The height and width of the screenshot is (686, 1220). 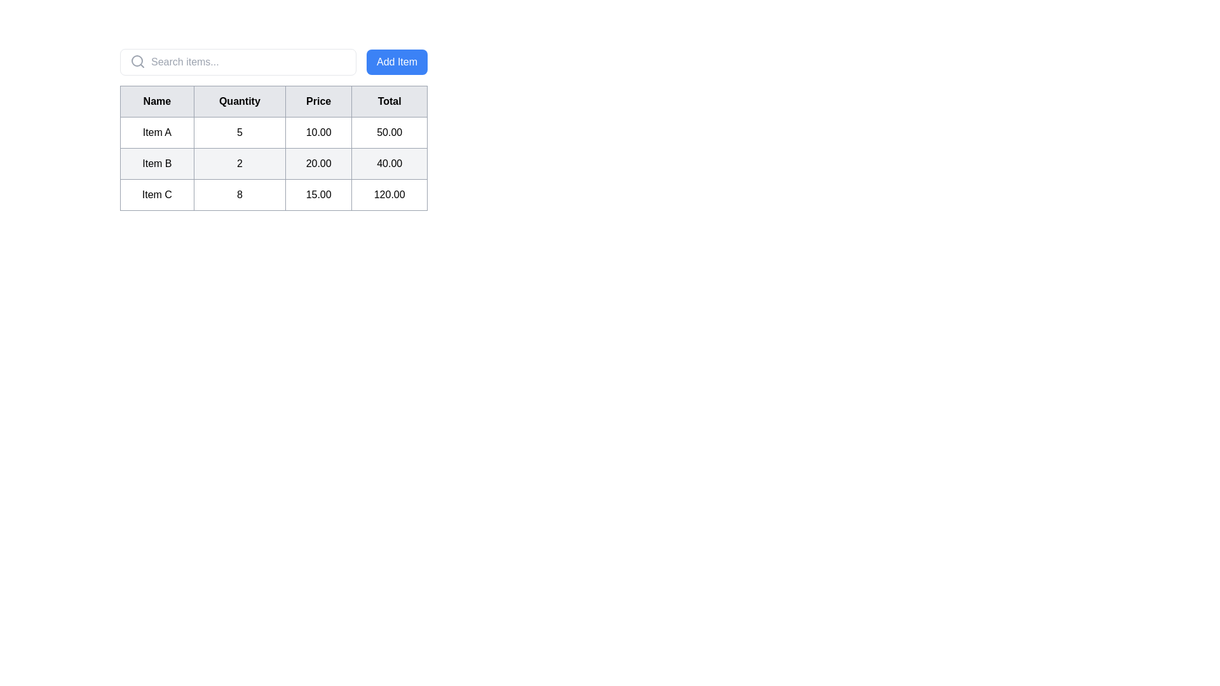 I want to click on the Table Cell in the third row under the 'Quantity' column, which indicates the quantity of 'Item C', so click(x=240, y=195).